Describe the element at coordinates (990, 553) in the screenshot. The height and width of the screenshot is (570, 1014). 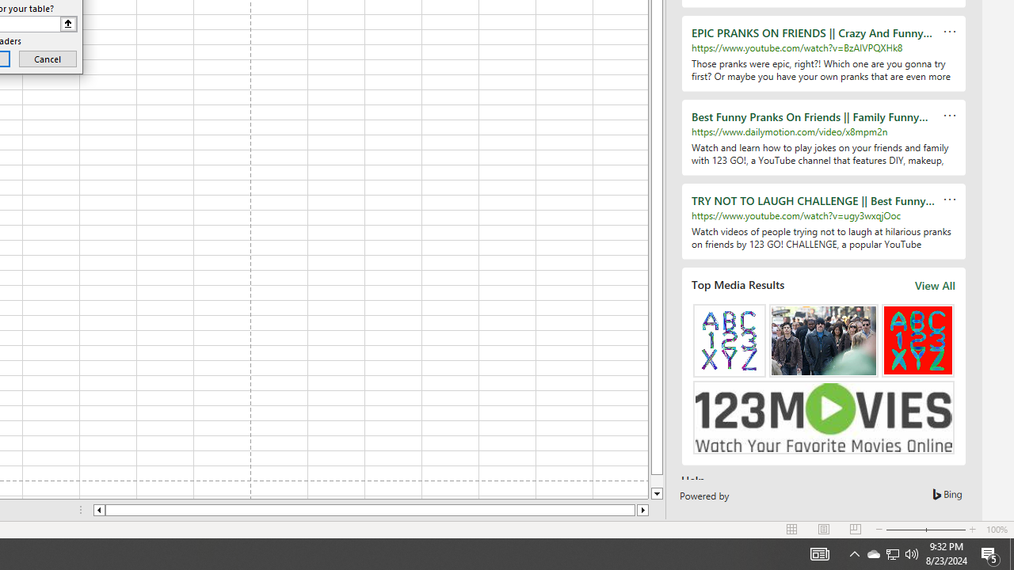
I see `'Action Center, 5 new notifications'` at that location.